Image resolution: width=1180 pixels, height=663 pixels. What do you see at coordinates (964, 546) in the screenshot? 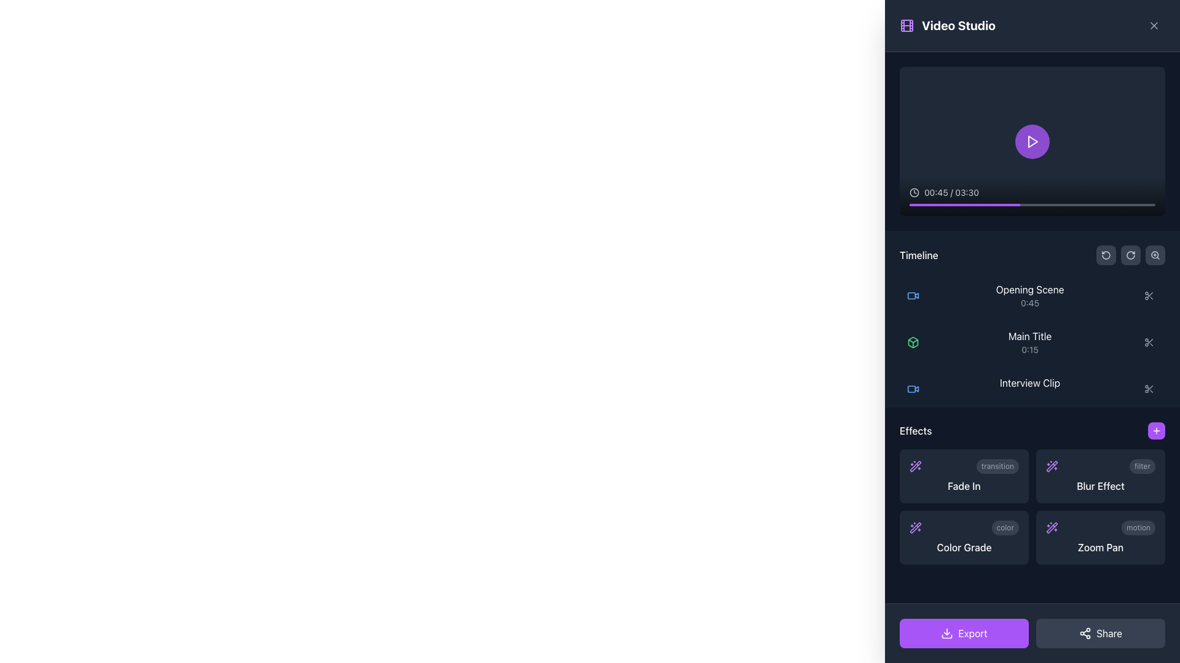
I see `'Color Grade' text label located in the bottom-left of the Effects section in the video editor interface` at bounding box center [964, 546].